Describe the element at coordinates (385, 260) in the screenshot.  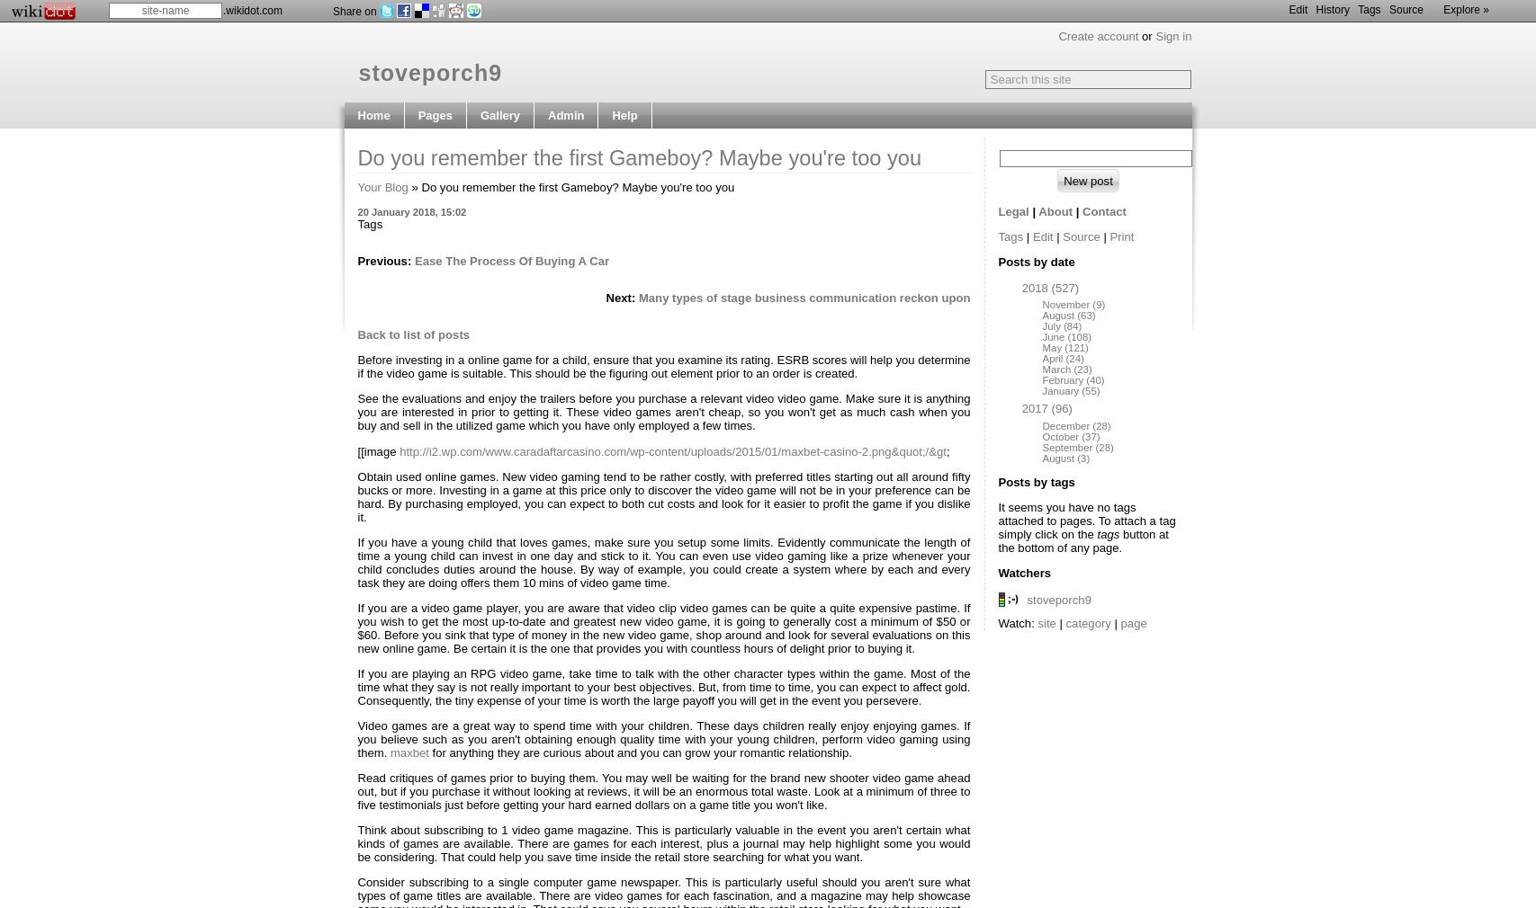
I see `'Previous:'` at that location.